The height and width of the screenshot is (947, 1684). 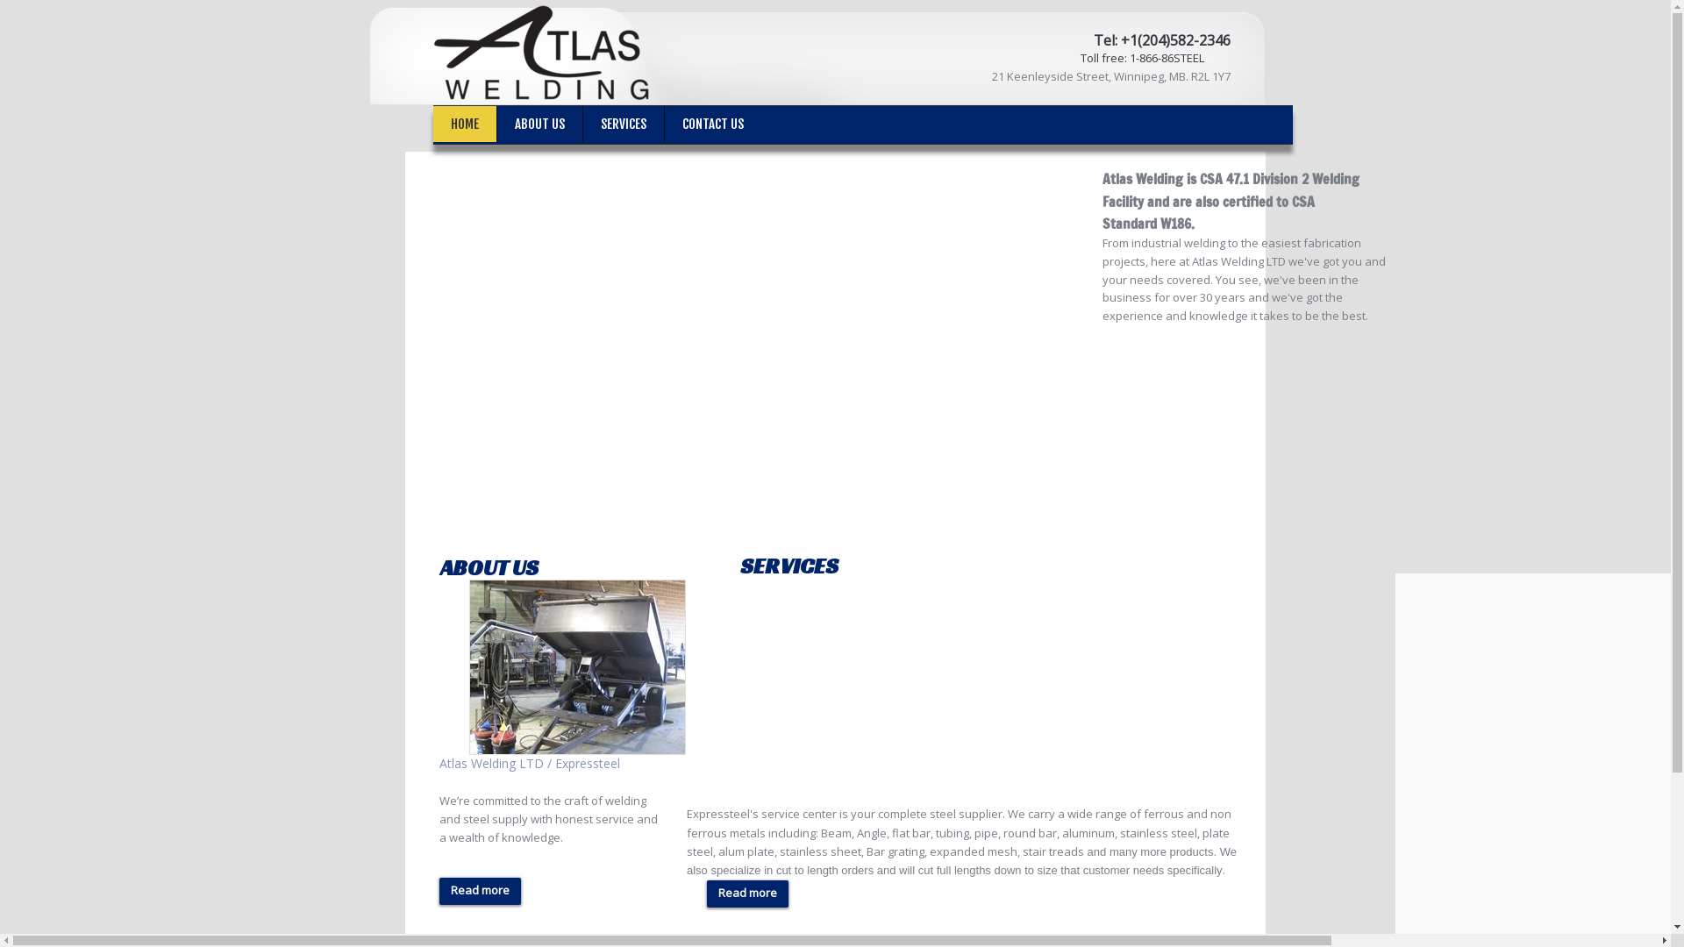 I want to click on 'Read more', so click(x=747, y=894).